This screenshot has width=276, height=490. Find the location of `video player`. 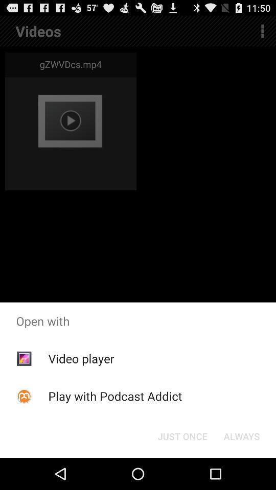

video player is located at coordinates (80, 358).